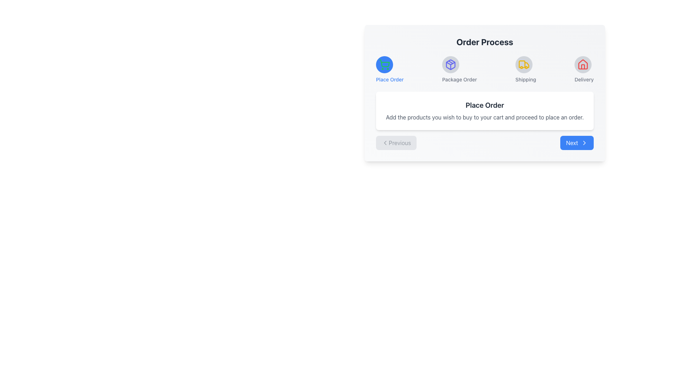  I want to click on the left-pointing chevron arrow icon located inside the 'Previous' button at the bottom left of the 'Order Process' panel, so click(385, 143).